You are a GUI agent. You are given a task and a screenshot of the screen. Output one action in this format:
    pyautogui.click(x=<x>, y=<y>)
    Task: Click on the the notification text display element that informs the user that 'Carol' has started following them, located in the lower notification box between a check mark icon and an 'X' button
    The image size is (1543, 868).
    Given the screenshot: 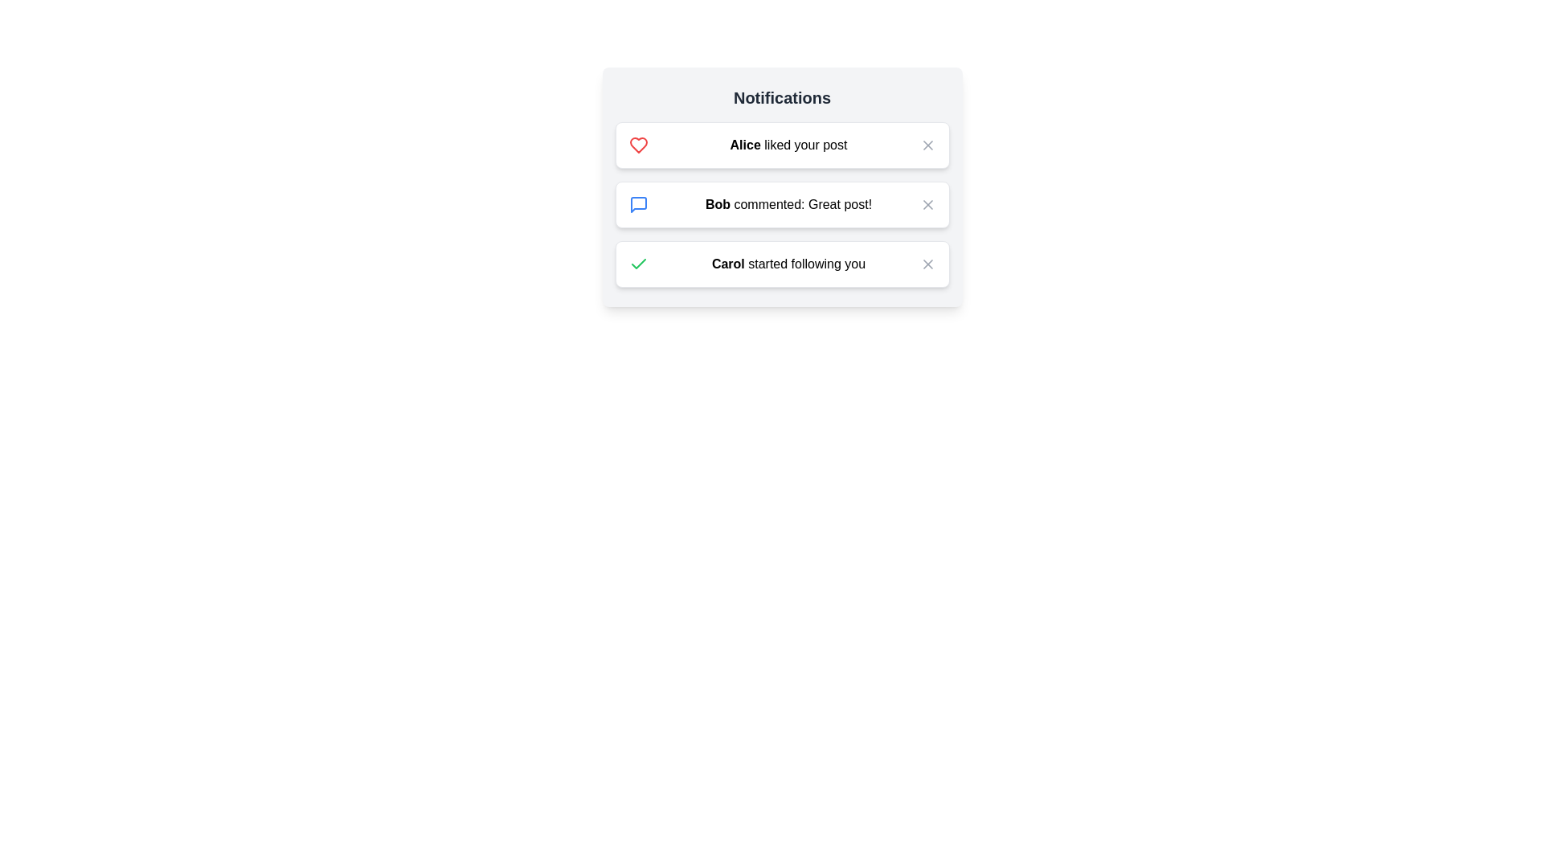 What is the action you would take?
    pyautogui.click(x=788, y=263)
    